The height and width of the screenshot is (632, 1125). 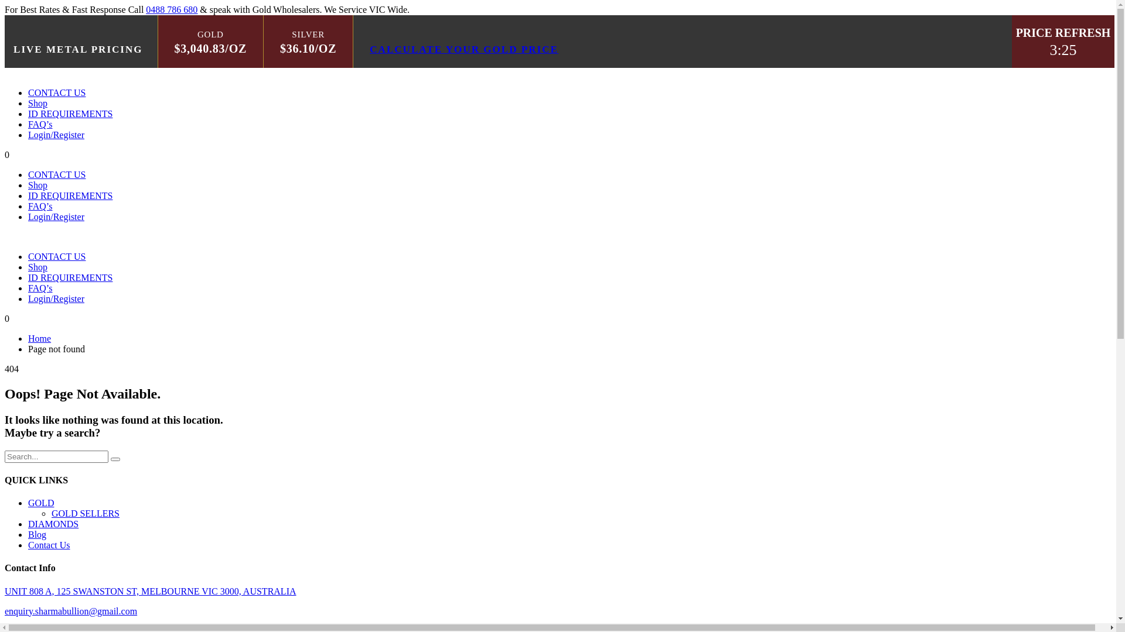 What do you see at coordinates (171, 9) in the screenshot?
I see `'0488 786 680'` at bounding box center [171, 9].